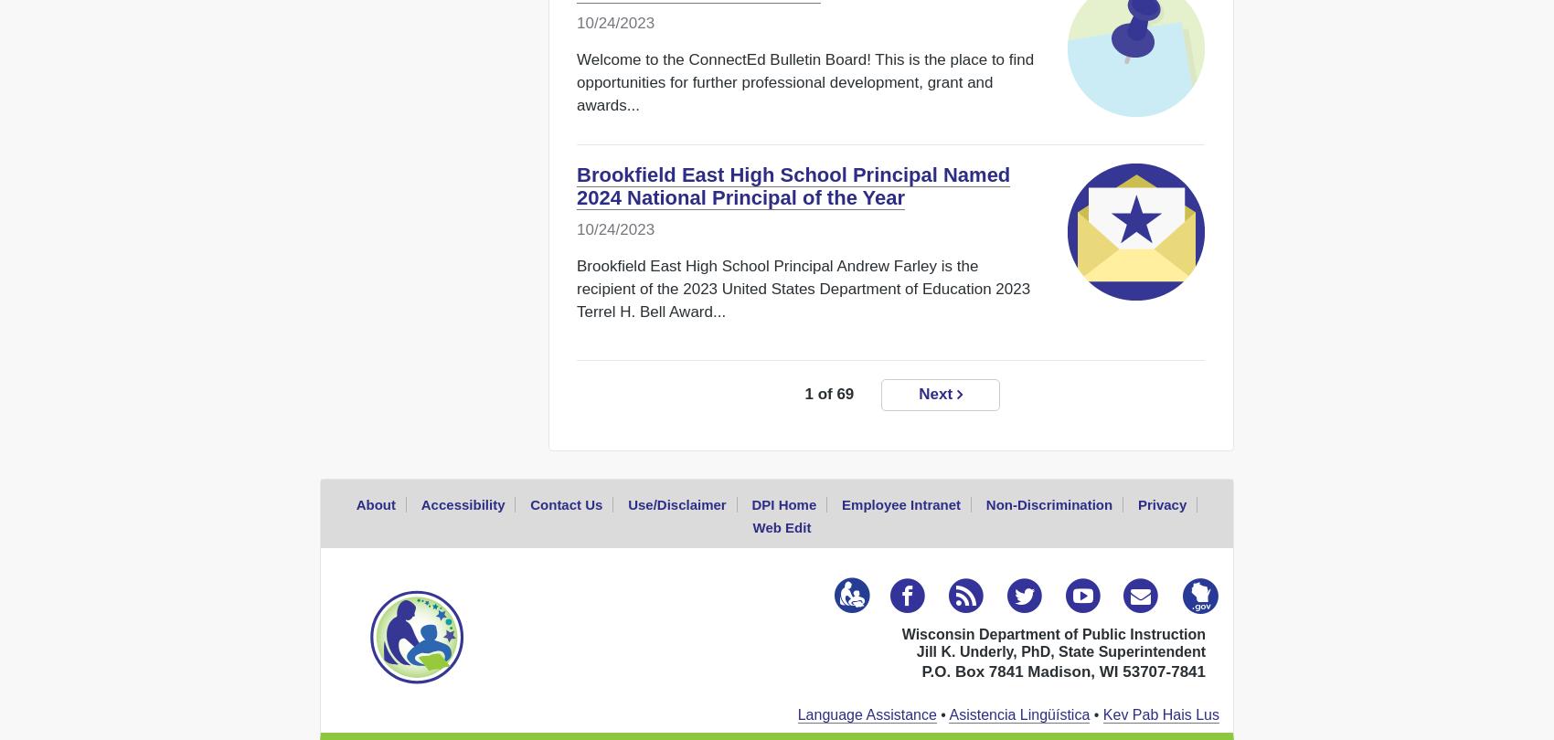 This screenshot has width=1554, height=740. What do you see at coordinates (936, 394) in the screenshot?
I see `'Next'` at bounding box center [936, 394].